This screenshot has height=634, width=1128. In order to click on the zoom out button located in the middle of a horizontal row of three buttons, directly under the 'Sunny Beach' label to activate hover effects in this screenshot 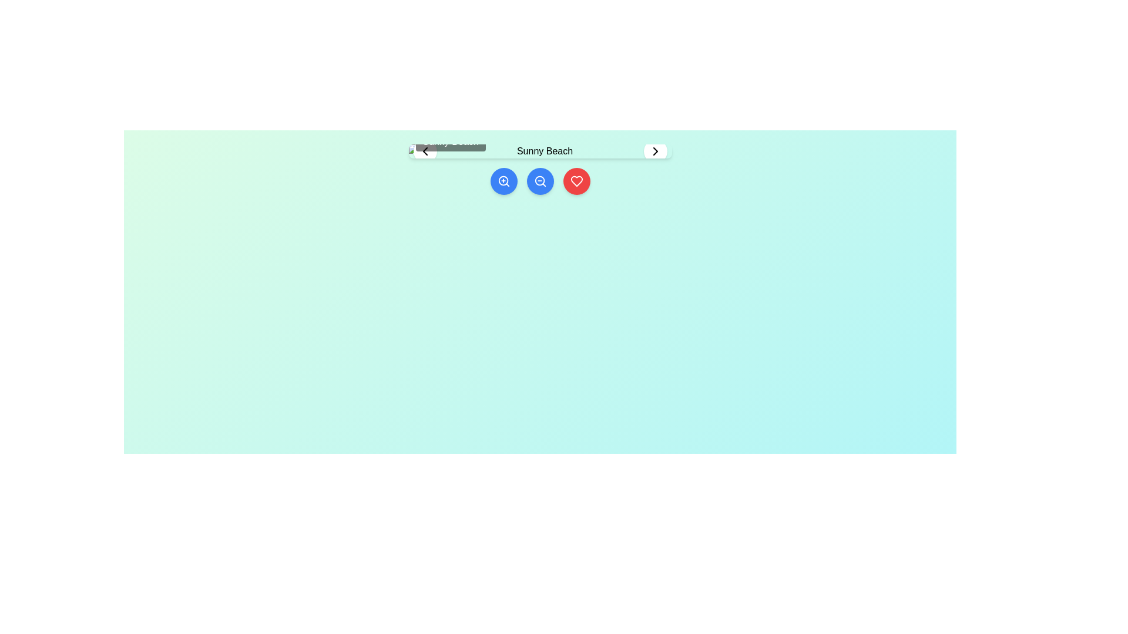, I will do `click(539, 181)`.